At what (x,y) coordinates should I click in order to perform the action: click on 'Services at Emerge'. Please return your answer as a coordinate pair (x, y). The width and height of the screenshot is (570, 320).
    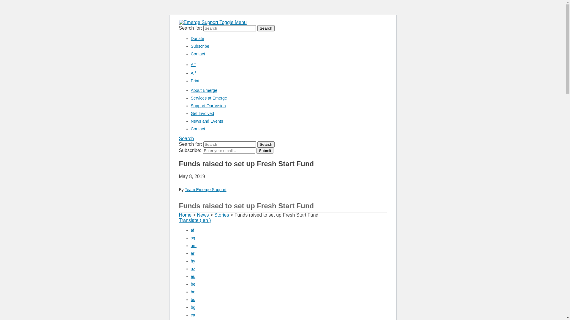
    Looking at the image, I should click on (208, 98).